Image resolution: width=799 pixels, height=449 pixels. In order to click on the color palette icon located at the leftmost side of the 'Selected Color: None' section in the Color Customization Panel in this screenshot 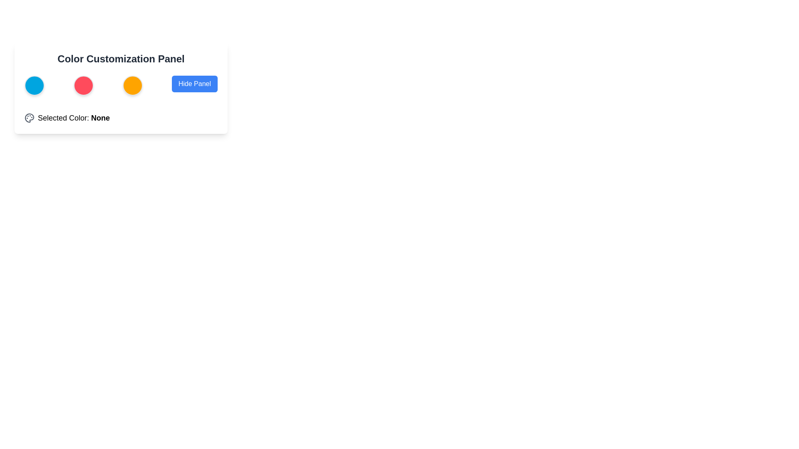, I will do `click(30, 118)`.